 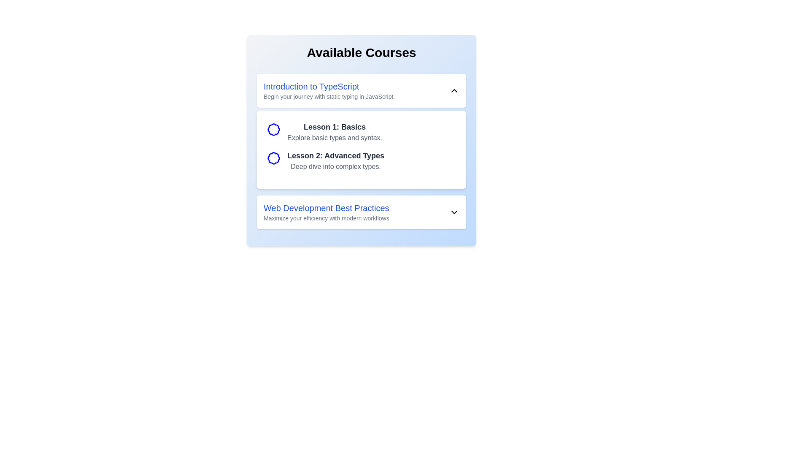 What do you see at coordinates (327, 217) in the screenshot?
I see `the descriptive text element for the 'Web Development Best Practices' section, located beneath the corresponding header within a collapsible card component` at bounding box center [327, 217].